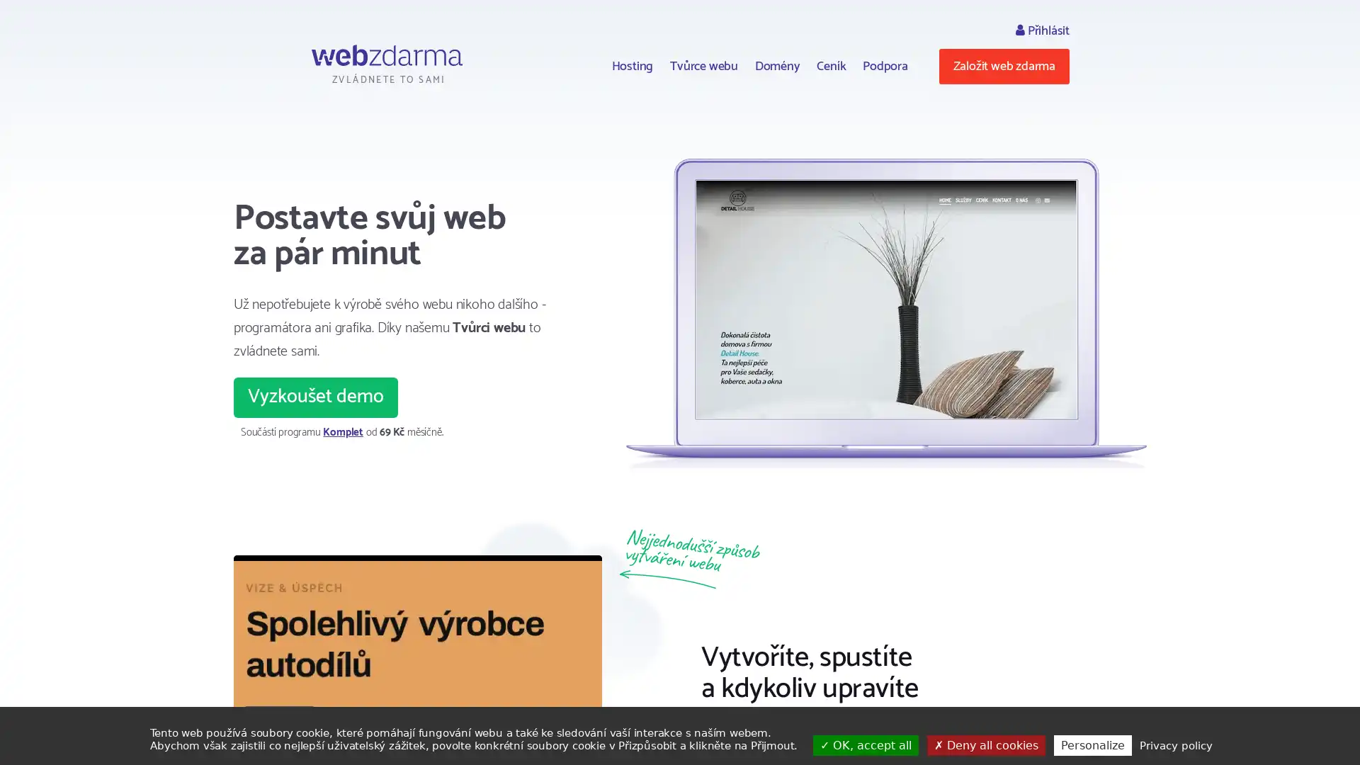 Image resolution: width=1360 pixels, height=765 pixels. What do you see at coordinates (315, 397) in the screenshot?
I see `Vyzkouset demo` at bounding box center [315, 397].